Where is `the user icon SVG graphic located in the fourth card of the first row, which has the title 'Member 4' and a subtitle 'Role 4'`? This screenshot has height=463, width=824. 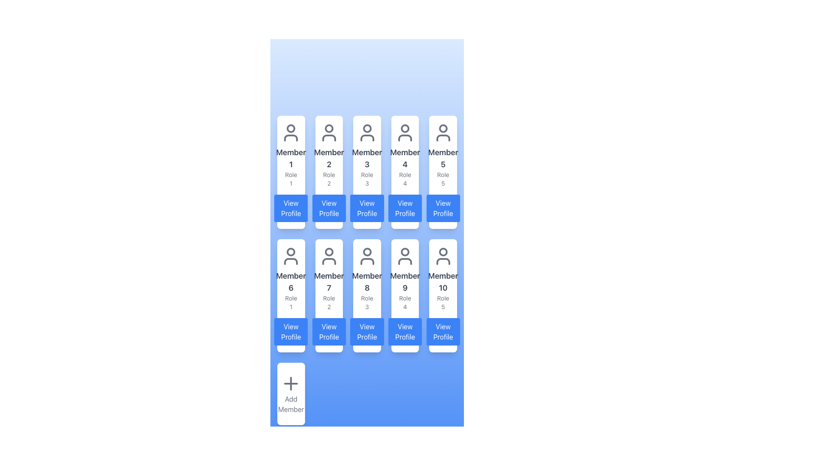 the user icon SVG graphic located in the fourth card of the first row, which has the title 'Member 4' and a subtitle 'Role 4' is located at coordinates (405, 132).